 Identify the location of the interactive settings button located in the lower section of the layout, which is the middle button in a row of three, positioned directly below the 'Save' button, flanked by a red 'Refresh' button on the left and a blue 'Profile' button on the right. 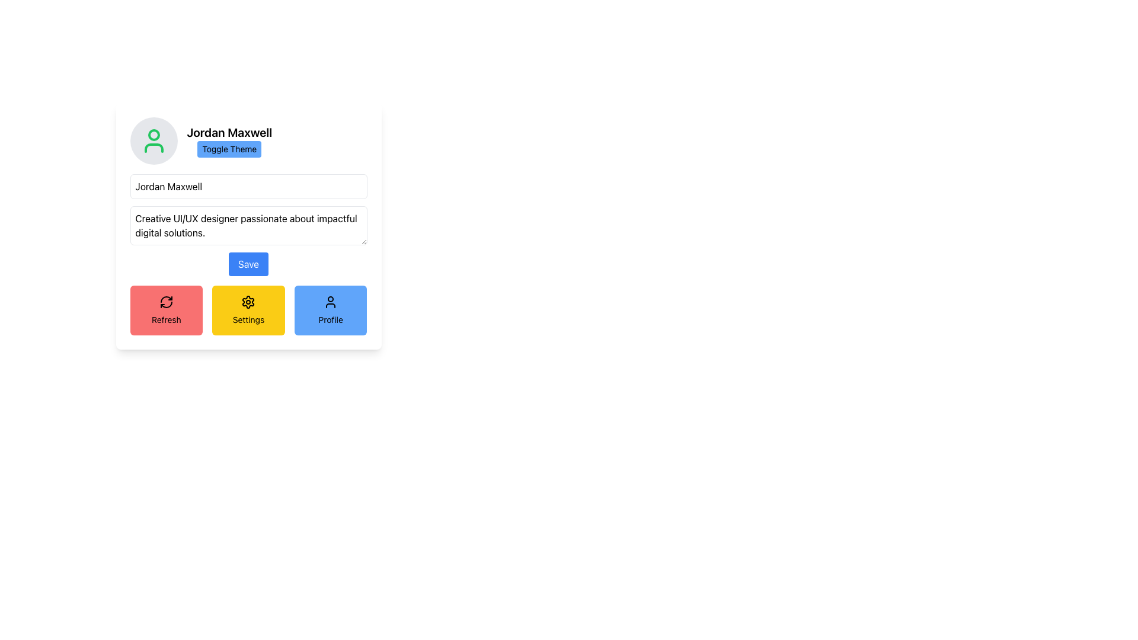
(248, 310).